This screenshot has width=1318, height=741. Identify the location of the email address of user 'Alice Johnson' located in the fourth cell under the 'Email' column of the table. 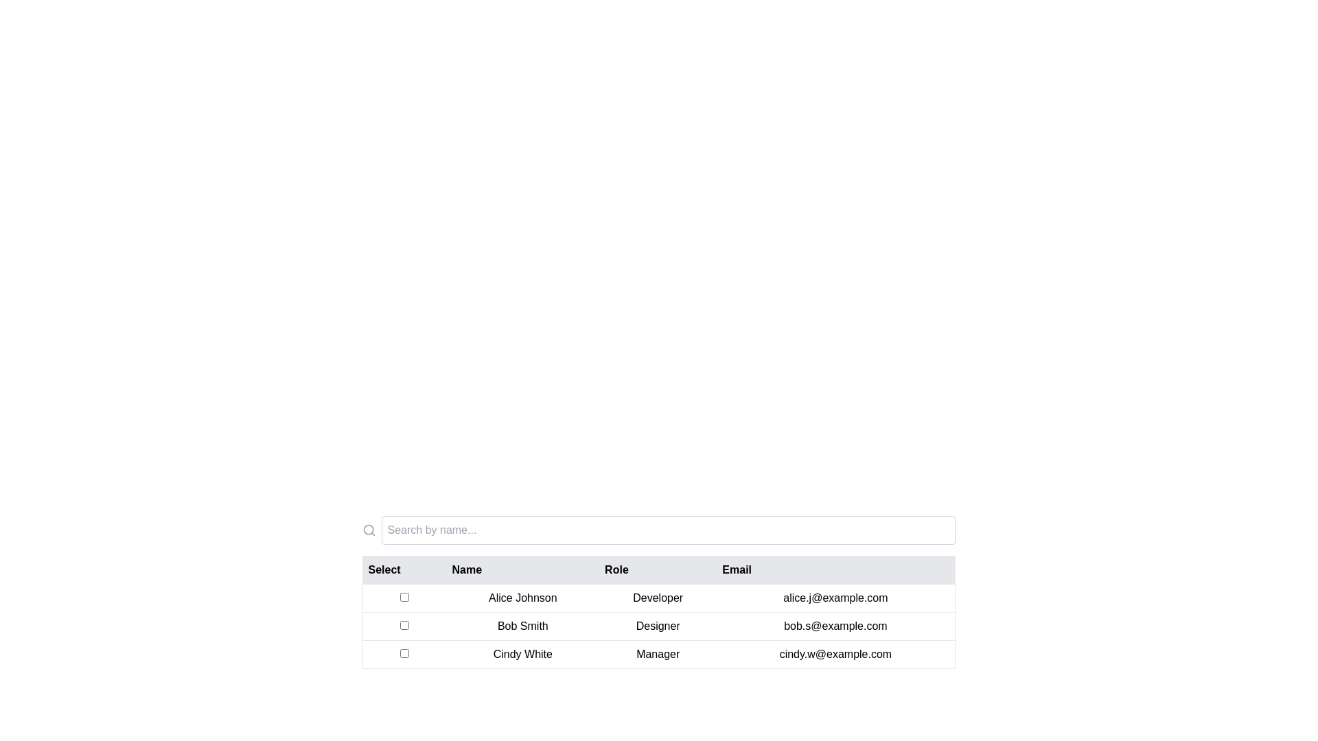
(835, 597).